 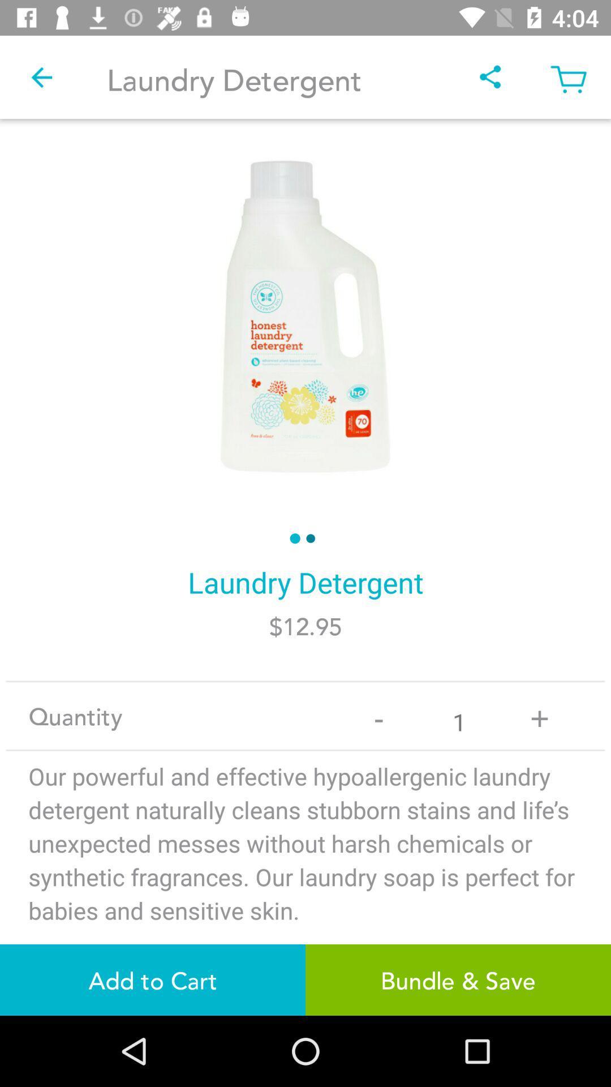 I want to click on the bundle & save item, so click(x=458, y=979).